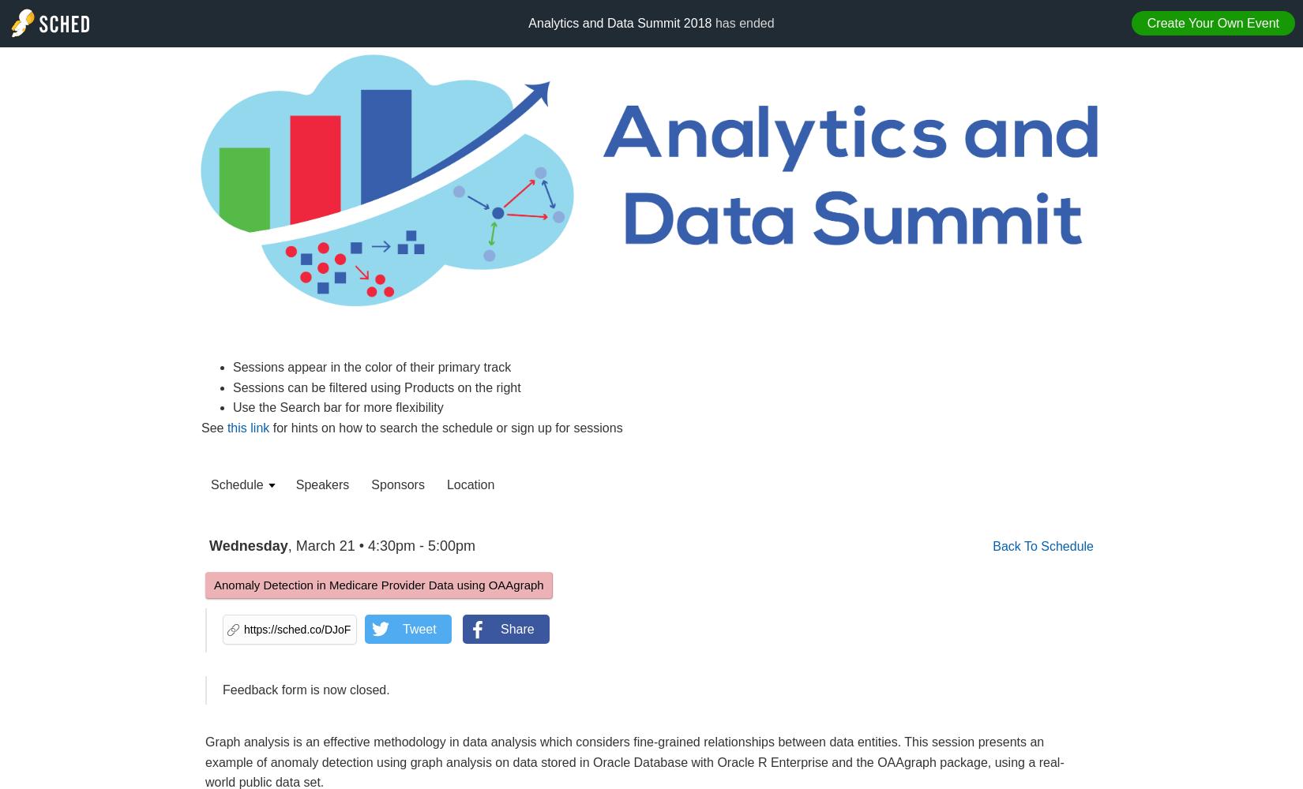 This screenshot has height=789, width=1303. I want to click on 'Analytics and Data Summit 2018', so click(619, 23).